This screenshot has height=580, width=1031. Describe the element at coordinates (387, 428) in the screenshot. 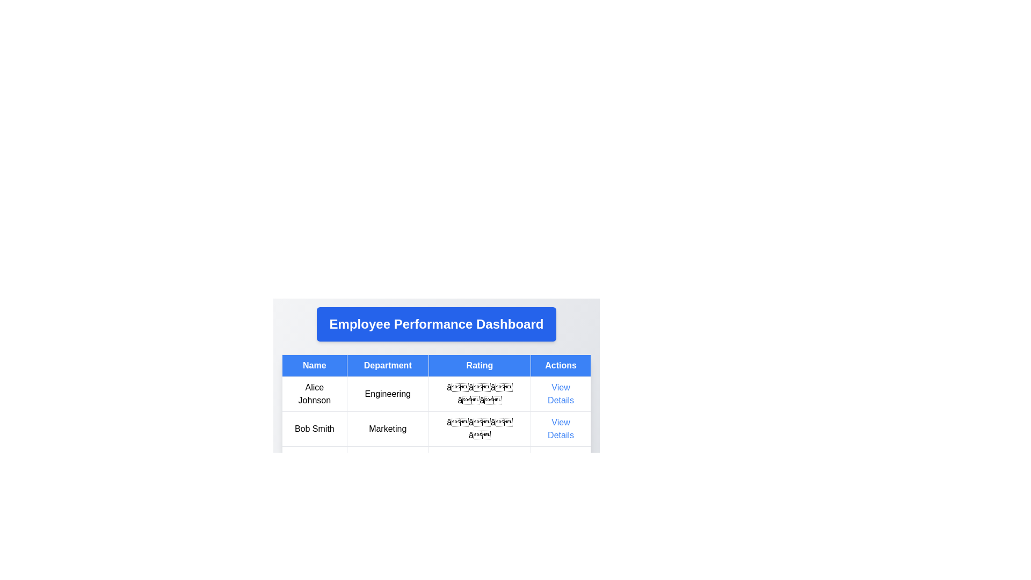

I see `the 'Marketing' text label which is styled with a border and padding, located under the 'Department' column header in the table layout` at that location.